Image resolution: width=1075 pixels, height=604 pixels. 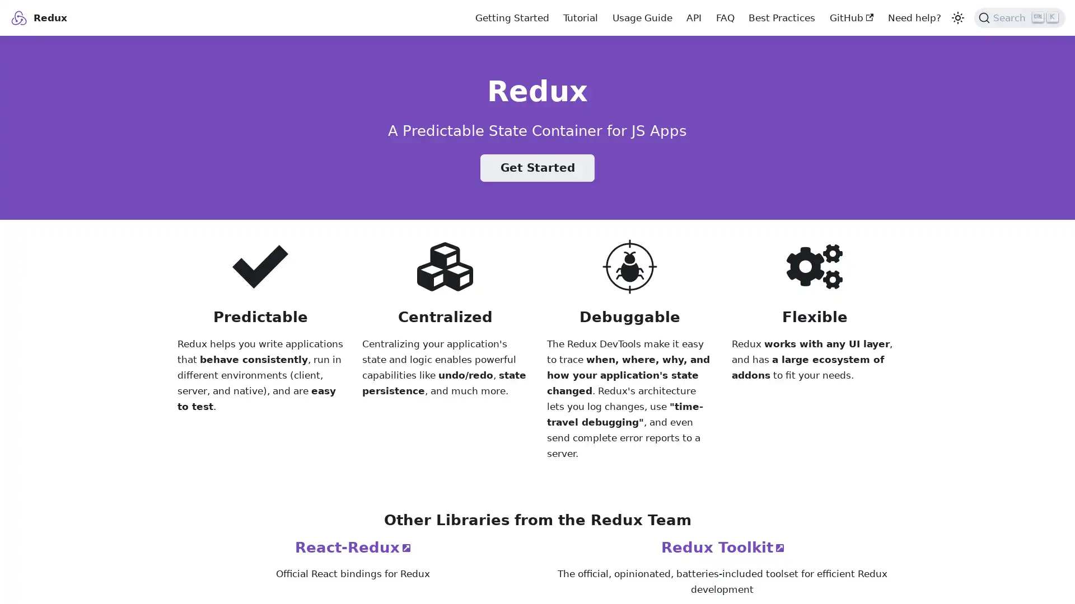 I want to click on Switch between dark and light mode (currently light mode), so click(x=956, y=17).